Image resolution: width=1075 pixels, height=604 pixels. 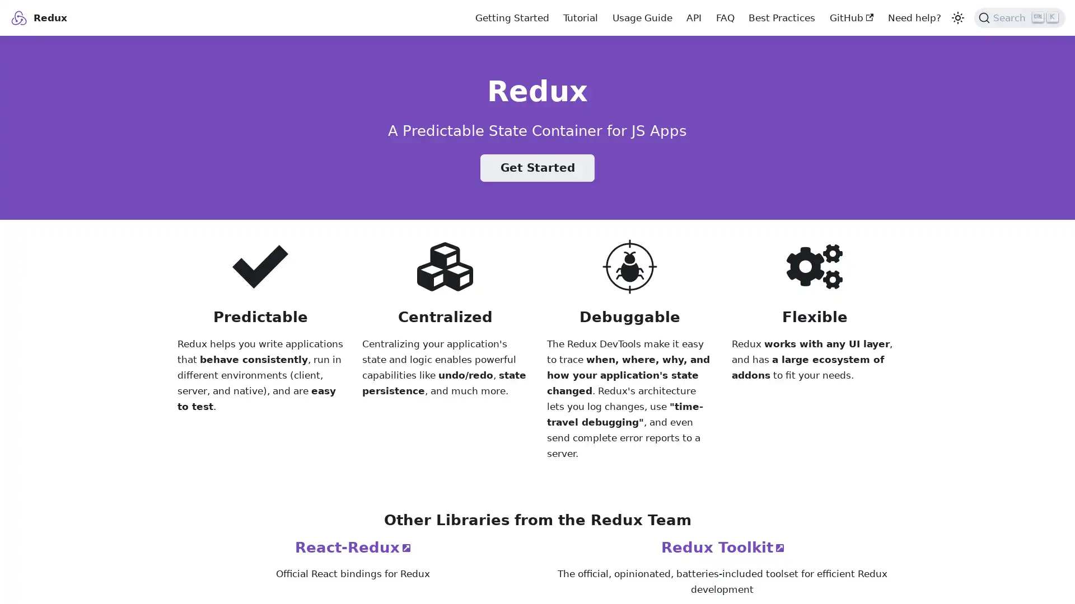 I want to click on Switch between dark and light mode (currently light mode), so click(x=956, y=17).